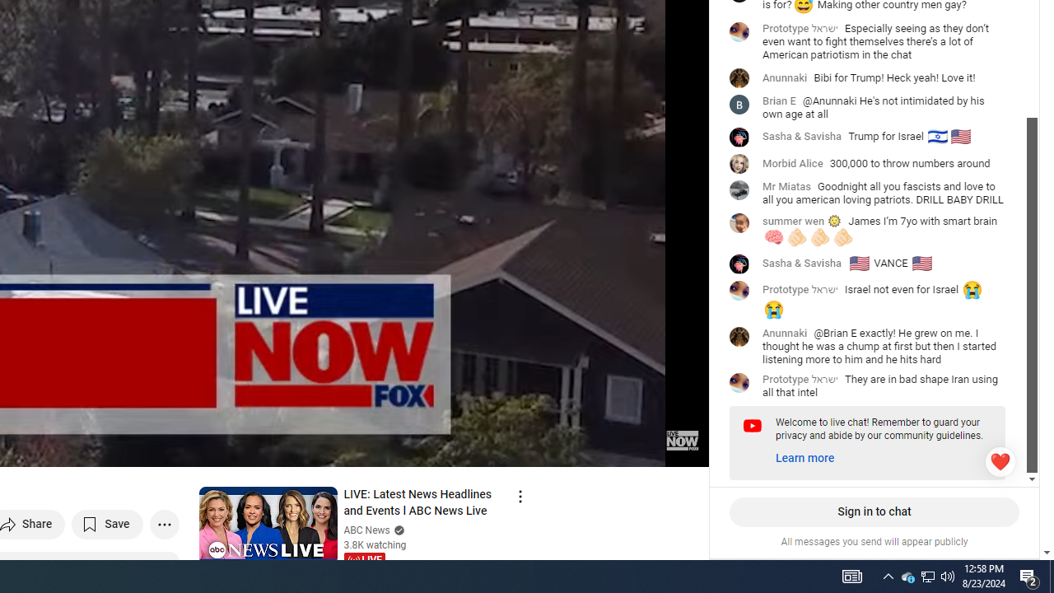  Describe the element at coordinates (873, 511) in the screenshot. I see `'Sign in to chat'` at that location.